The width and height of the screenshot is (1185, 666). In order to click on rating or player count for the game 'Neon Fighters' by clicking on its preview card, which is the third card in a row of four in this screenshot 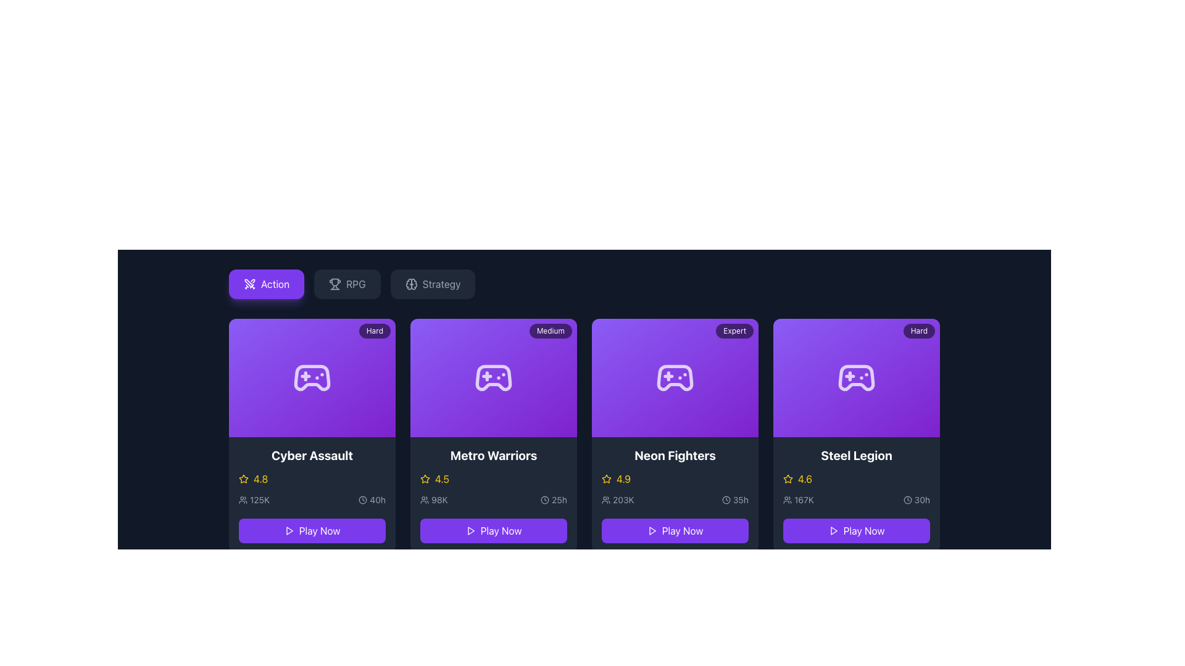, I will do `click(675, 435)`.